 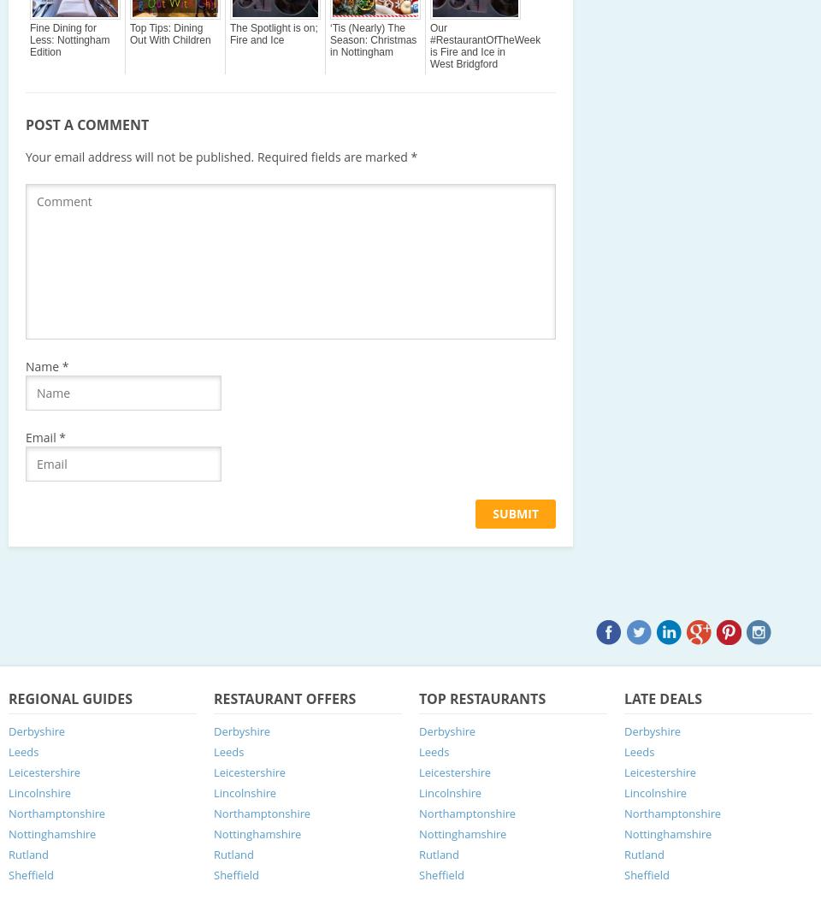 What do you see at coordinates (623, 697) in the screenshot?
I see `'Late Deals'` at bounding box center [623, 697].